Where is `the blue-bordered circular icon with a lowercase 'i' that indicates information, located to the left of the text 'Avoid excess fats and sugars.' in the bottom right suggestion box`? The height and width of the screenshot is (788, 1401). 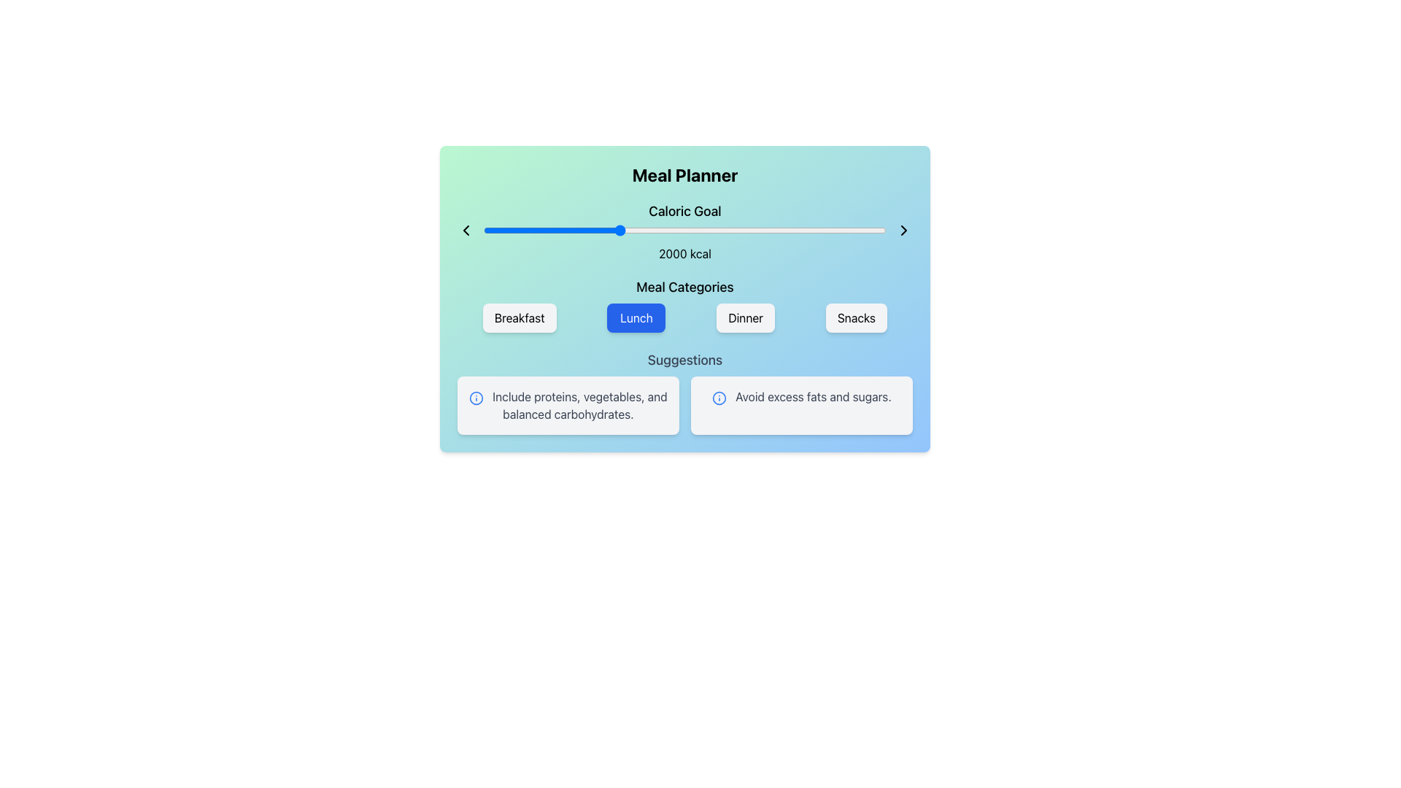
the blue-bordered circular icon with a lowercase 'i' that indicates information, located to the left of the text 'Avoid excess fats and sugars.' in the bottom right suggestion box is located at coordinates (719, 398).